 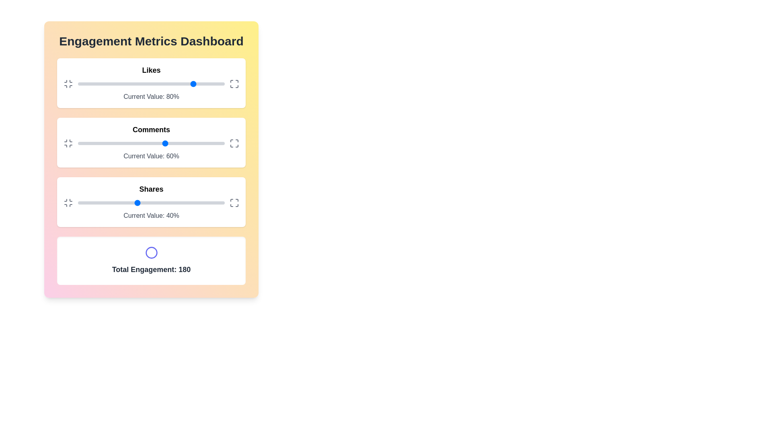 What do you see at coordinates (68, 84) in the screenshot?
I see `the minimize icon located in the top-left corner of the 'Likes' section within the dashboard to minimize the section` at bounding box center [68, 84].